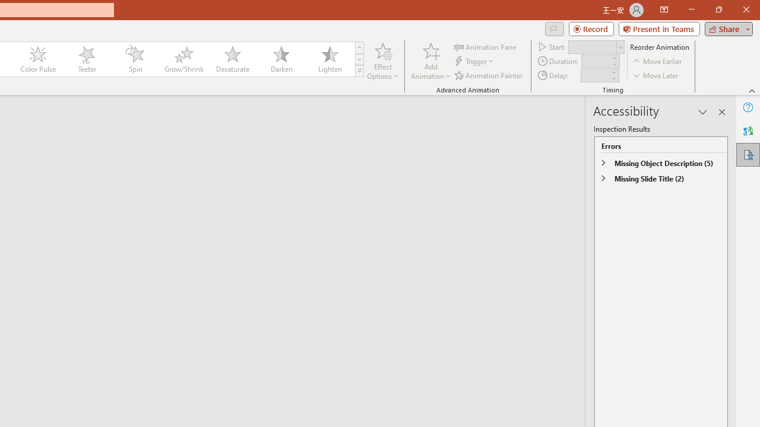 Image resolution: width=760 pixels, height=427 pixels. Describe the element at coordinates (383, 61) in the screenshot. I see `'Effect Options'` at that location.